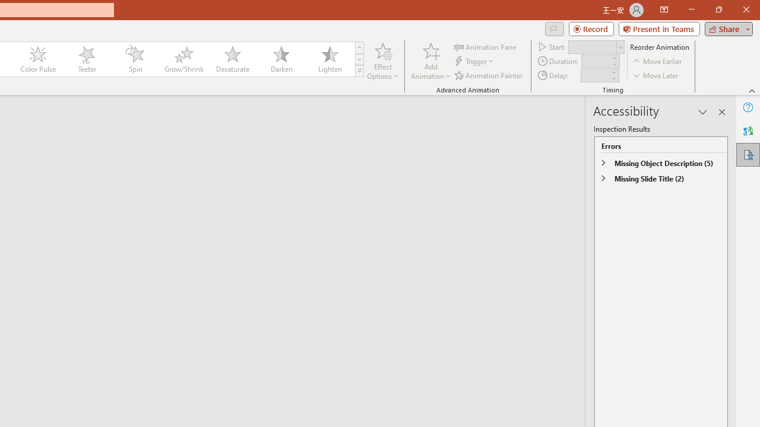 Image resolution: width=760 pixels, height=427 pixels. Describe the element at coordinates (383, 61) in the screenshot. I see `'Effect Options'` at that location.